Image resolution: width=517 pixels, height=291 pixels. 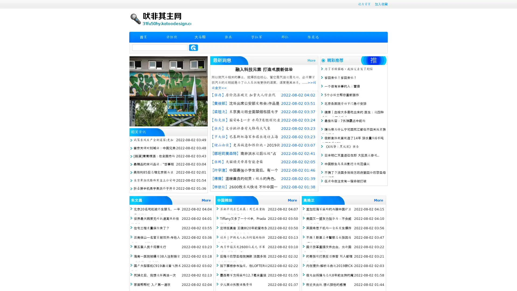 I want to click on Search, so click(x=193, y=47).